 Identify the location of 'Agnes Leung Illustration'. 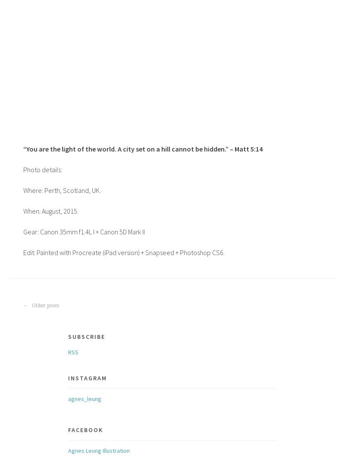
(98, 450).